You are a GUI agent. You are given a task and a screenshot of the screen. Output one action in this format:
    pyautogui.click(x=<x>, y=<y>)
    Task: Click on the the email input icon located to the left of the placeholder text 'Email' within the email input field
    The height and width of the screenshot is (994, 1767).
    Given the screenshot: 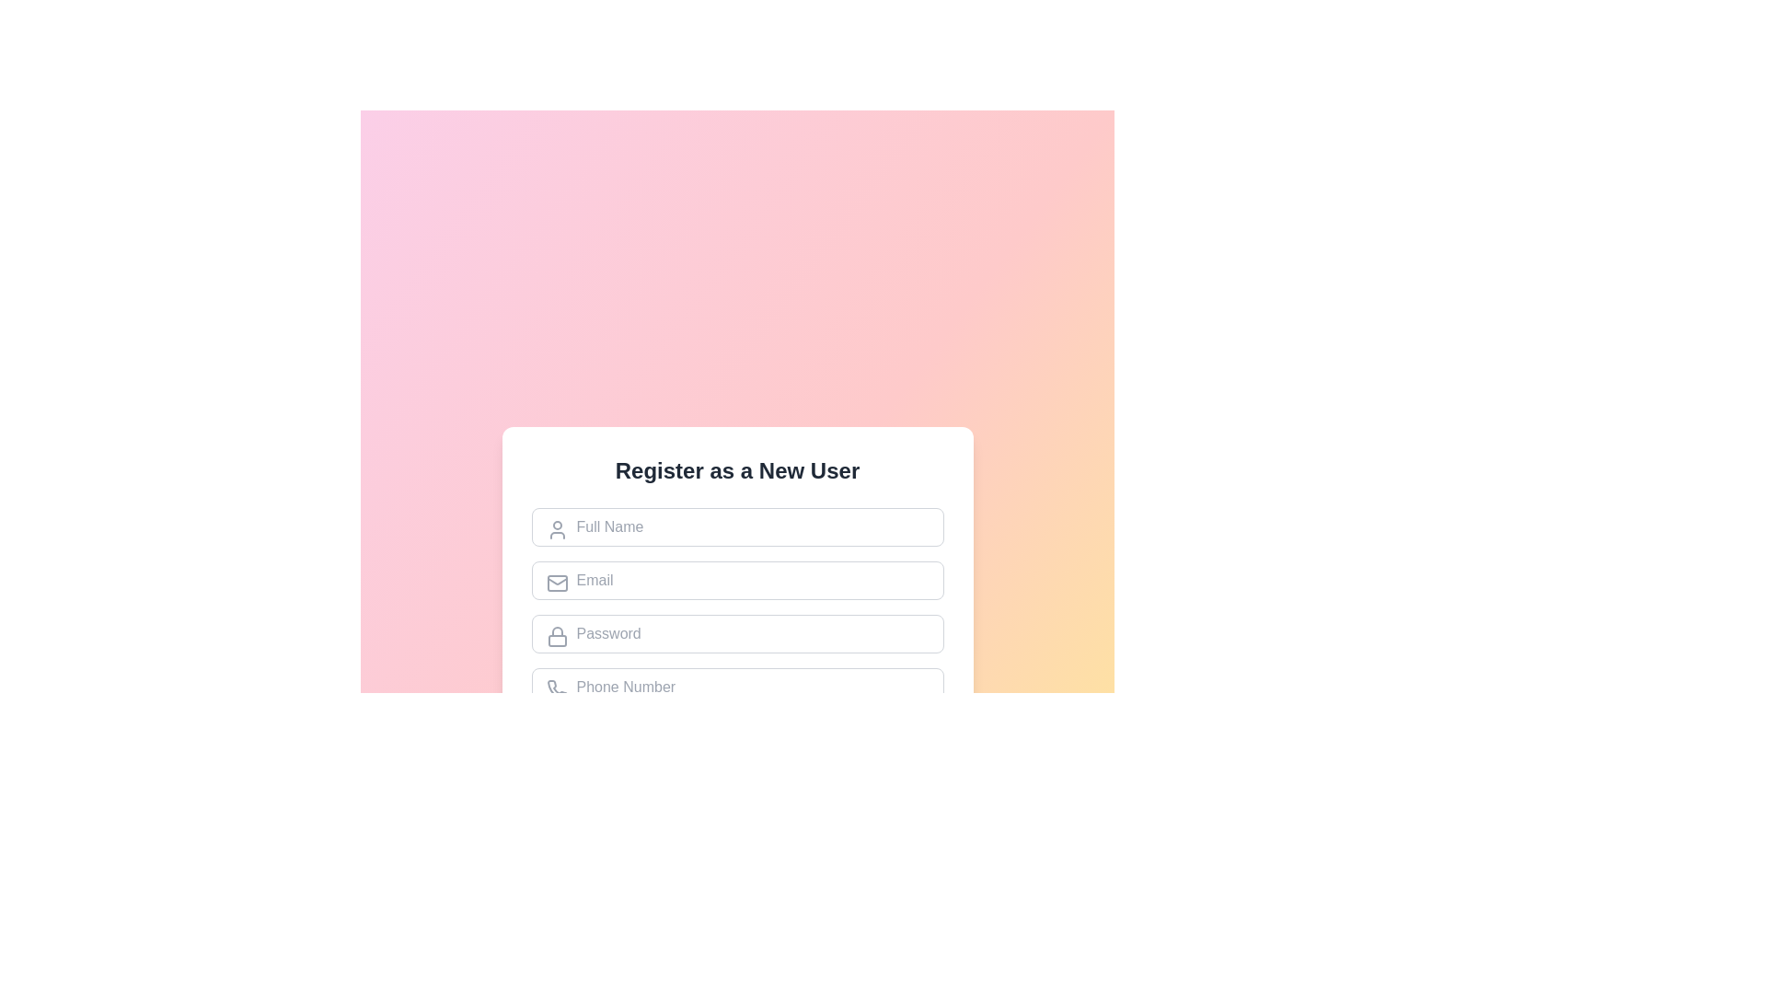 What is the action you would take?
    pyautogui.click(x=556, y=583)
    